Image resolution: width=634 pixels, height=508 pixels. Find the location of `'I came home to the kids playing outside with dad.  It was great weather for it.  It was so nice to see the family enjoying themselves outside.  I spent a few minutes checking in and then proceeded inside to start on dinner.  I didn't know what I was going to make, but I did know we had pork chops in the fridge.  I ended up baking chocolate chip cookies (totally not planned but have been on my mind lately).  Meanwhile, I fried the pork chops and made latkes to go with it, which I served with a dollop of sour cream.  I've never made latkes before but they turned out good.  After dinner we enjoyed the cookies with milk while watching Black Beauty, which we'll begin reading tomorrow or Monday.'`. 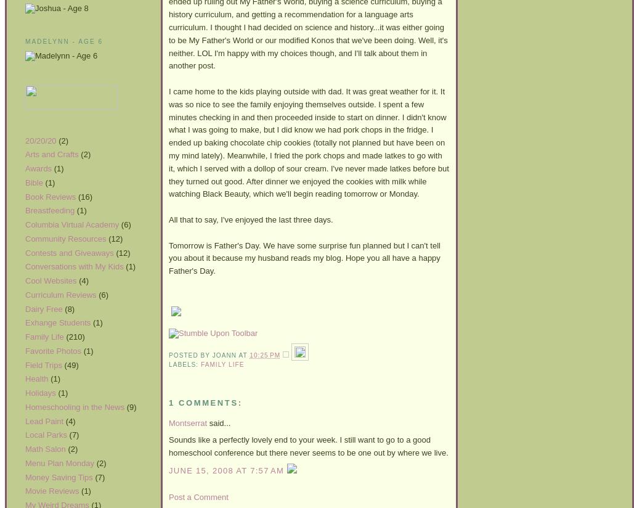

'I came home to the kids playing outside with dad.  It was great weather for it.  It was so nice to see the family enjoying themselves outside.  I spent a few minutes checking in and then proceeded inside to start on dinner.  I didn't know what I was going to make, but I did know we had pork chops in the fridge.  I ended up baking chocolate chip cookies (totally not planned but have been on my mind lately).  Meanwhile, I fried the pork chops and made latkes to go with it, which I served with a dollop of sour cream.  I've never made latkes before but they turned out good.  After dinner we enjoyed the cookies with milk while watching Black Beauty, which we'll begin reading tomorrow or Monday.' is located at coordinates (168, 141).